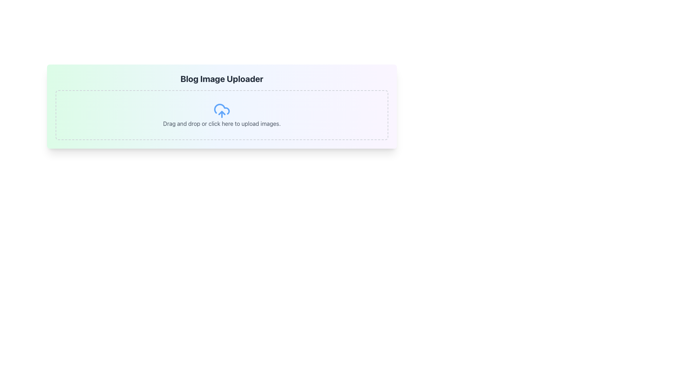 The width and height of the screenshot is (684, 385). What do you see at coordinates (222, 111) in the screenshot?
I see `the cloud with an upward-pointing arrow icon, which is located in the section titled 'Drag and drop or click here to upload images.'` at bounding box center [222, 111].